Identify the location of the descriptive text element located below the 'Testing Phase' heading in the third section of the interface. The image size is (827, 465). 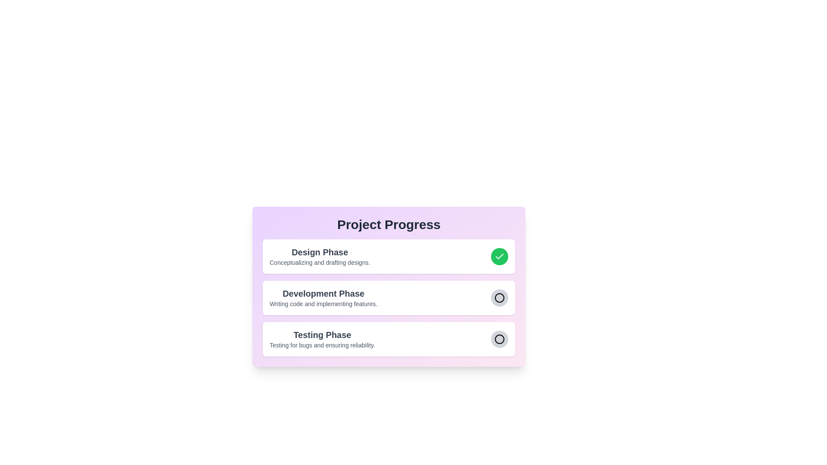
(322, 345).